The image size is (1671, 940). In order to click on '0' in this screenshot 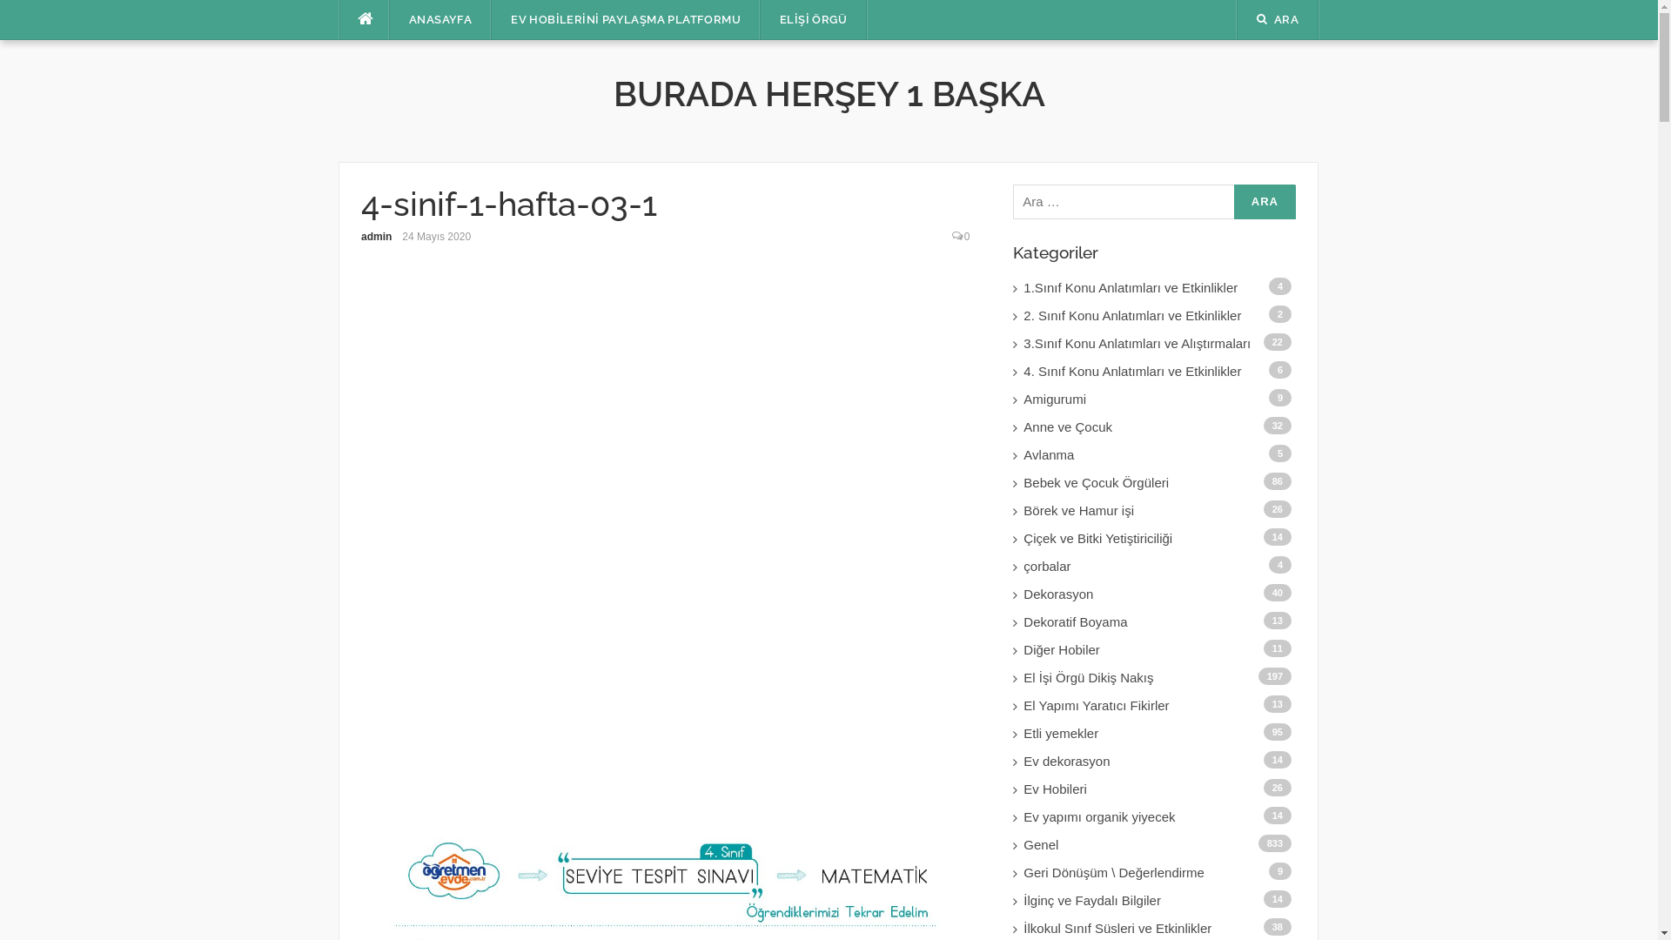, I will do `click(966, 237)`.